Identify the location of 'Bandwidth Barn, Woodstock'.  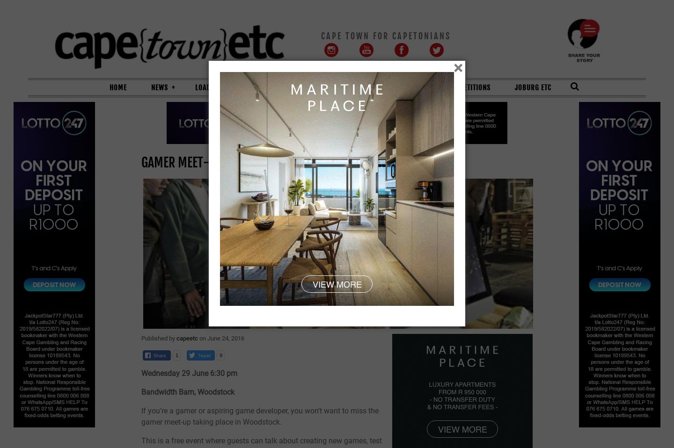
(188, 391).